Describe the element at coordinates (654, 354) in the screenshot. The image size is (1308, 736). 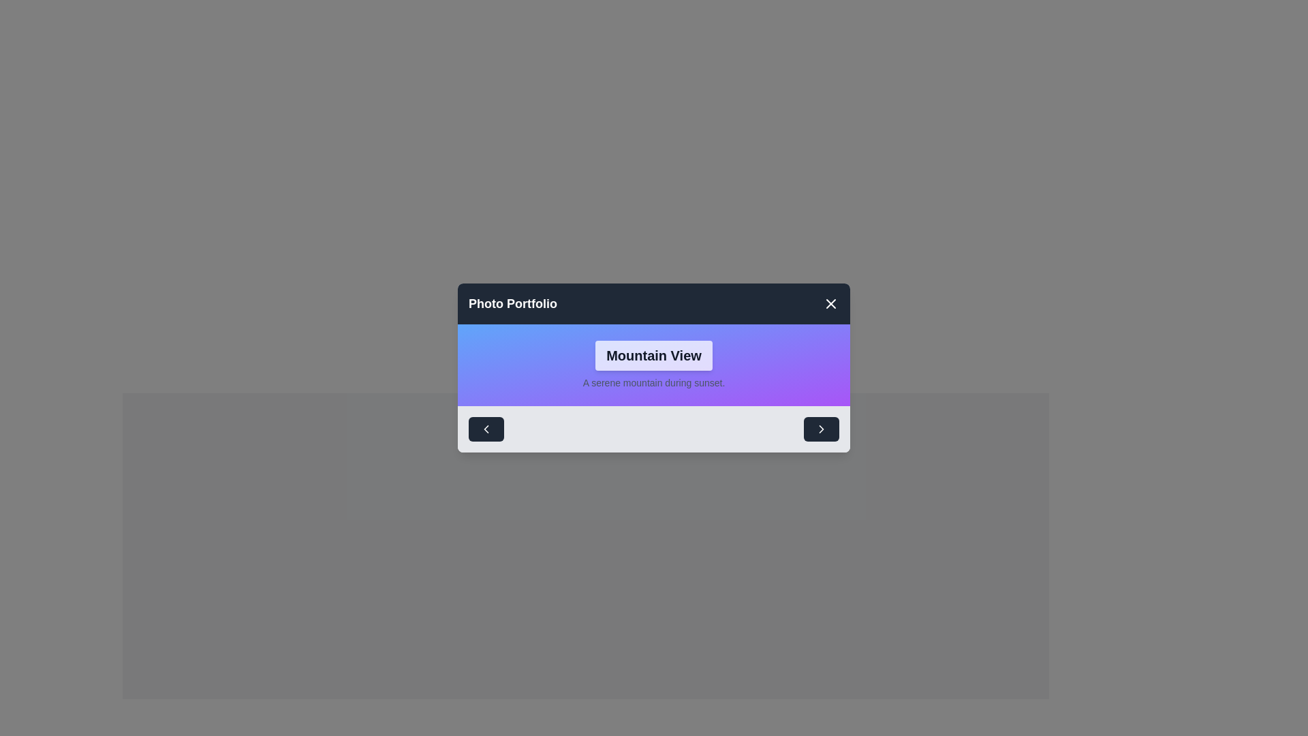
I see `the Text label that displays 'Mountain View', which is centered in a modal with a gradient background and has a semi-transparent white background with rounded corners` at that location.